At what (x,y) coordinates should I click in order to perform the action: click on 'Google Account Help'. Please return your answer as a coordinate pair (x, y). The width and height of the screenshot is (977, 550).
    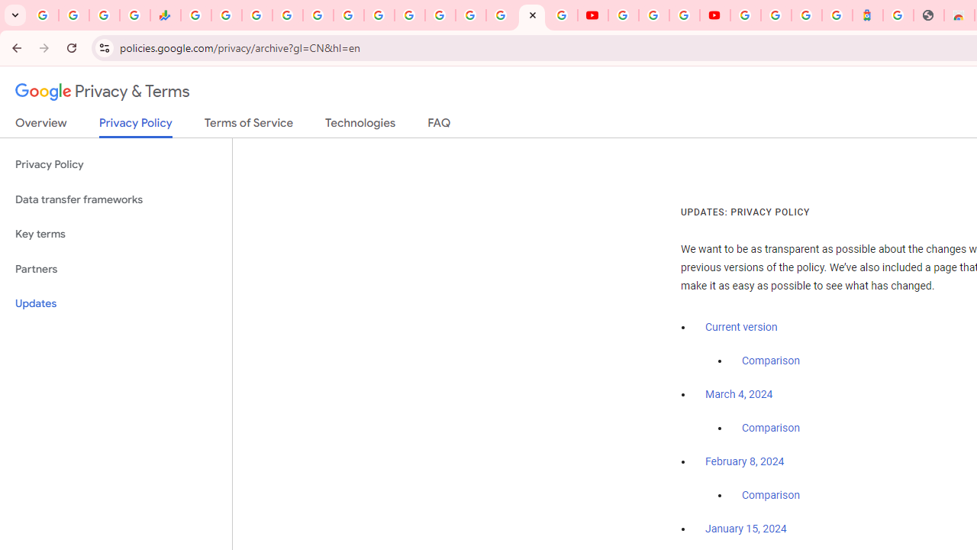
    Looking at the image, I should click on (653, 15).